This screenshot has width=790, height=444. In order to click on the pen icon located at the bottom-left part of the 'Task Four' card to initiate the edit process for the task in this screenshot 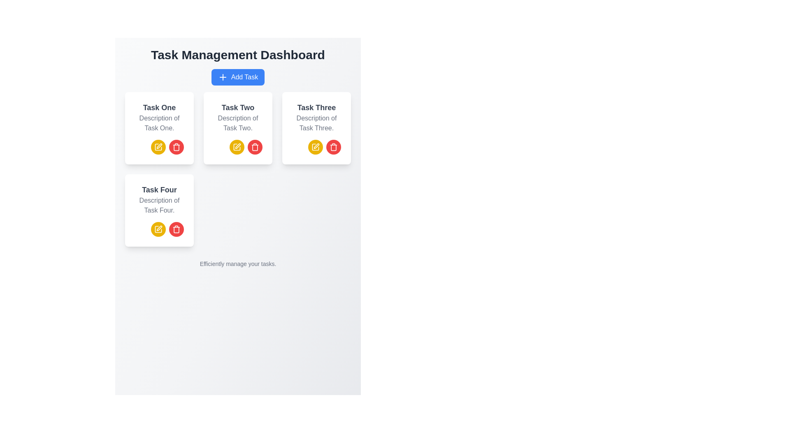, I will do `click(159, 228)`.